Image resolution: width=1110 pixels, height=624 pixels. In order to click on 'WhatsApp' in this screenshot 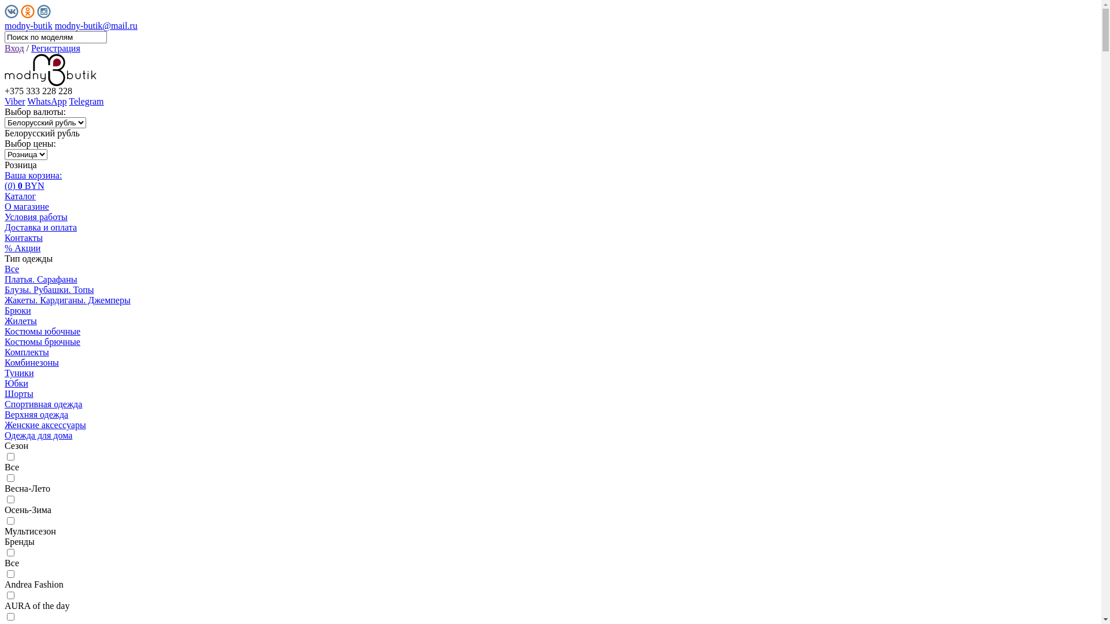, I will do `click(46, 101)`.